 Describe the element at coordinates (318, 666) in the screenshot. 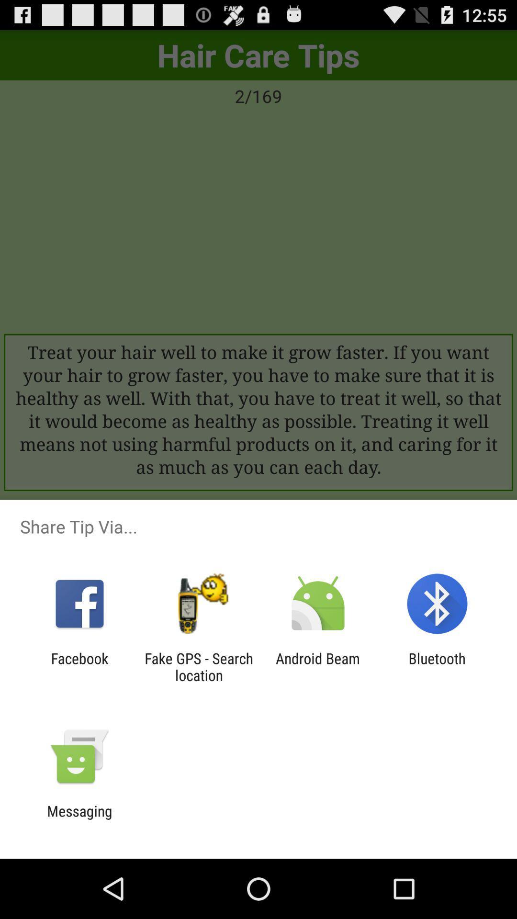

I see `android beam app` at that location.